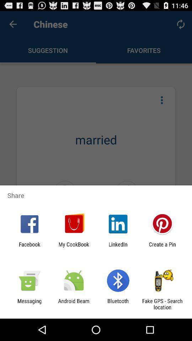 The width and height of the screenshot is (192, 341). What do you see at coordinates (118, 304) in the screenshot?
I see `bluetooth item` at bounding box center [118, 304].